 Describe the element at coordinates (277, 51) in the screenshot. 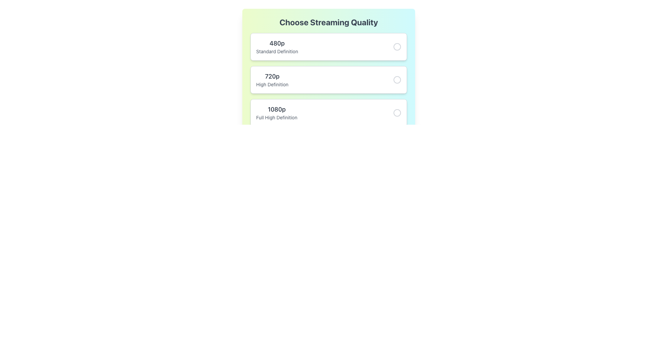

I see `text label displaying 'Standard Definition' located below the '480p' label in the topmost option card for streaming quality` at that location.